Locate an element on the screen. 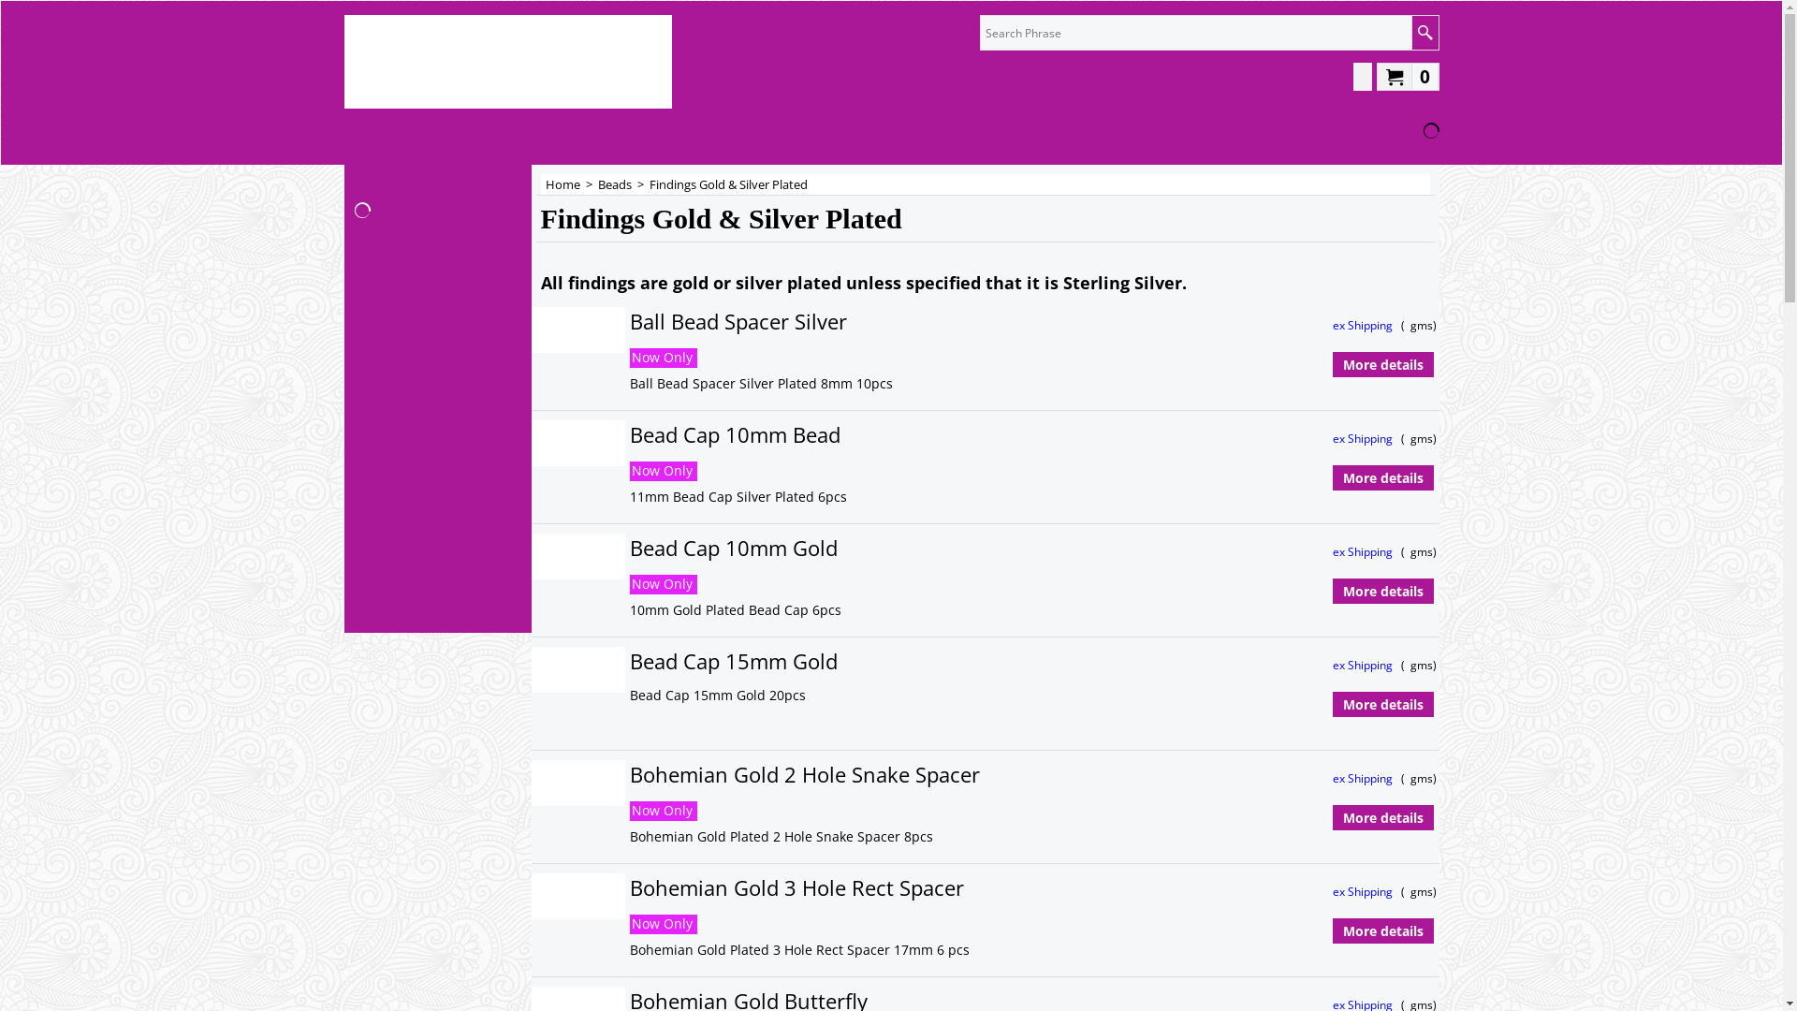  'More details' is located at coordinates (1382, 592).